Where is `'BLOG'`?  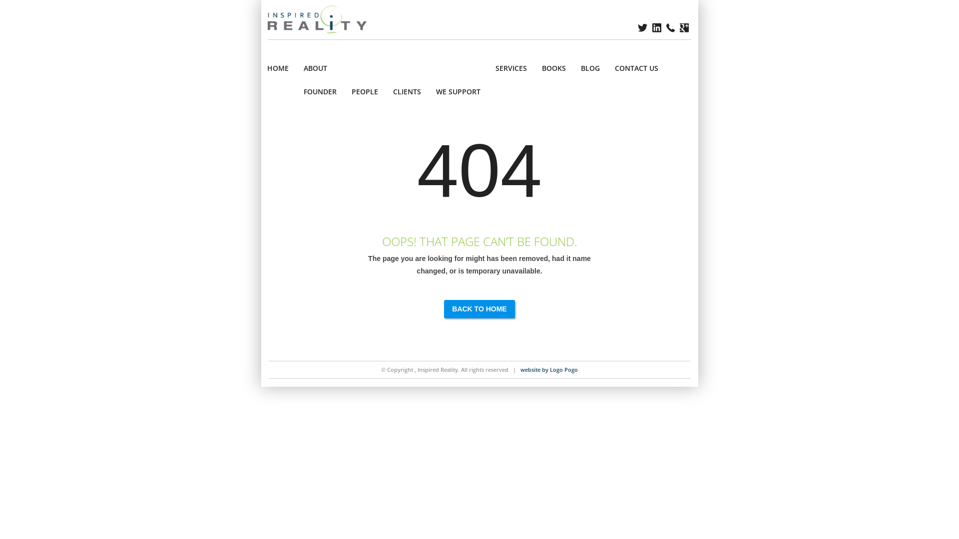 'BLOG' is located at coordinates (590, 67).